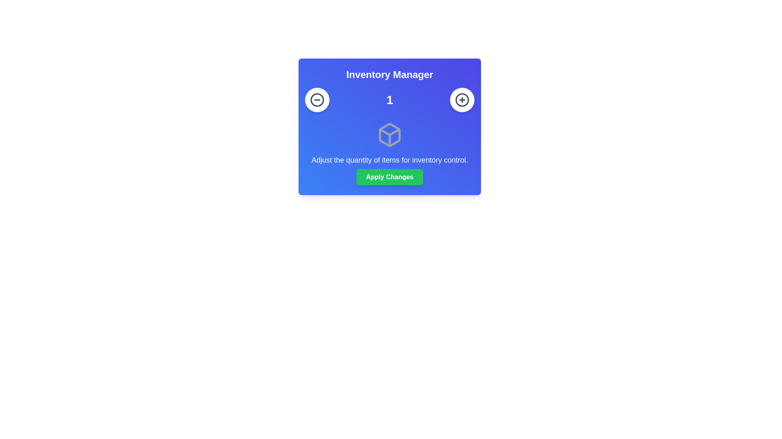 Image resolution: width=782 pixels, height=439 pixels. Describe the element at coordinates (389, 131) in the screenshot. I see `the decorative shape within the SVG graphic, which enhances the visual hierarchy and style of the interface, located centrally below the numeric display and above the descriptive text` at that location.